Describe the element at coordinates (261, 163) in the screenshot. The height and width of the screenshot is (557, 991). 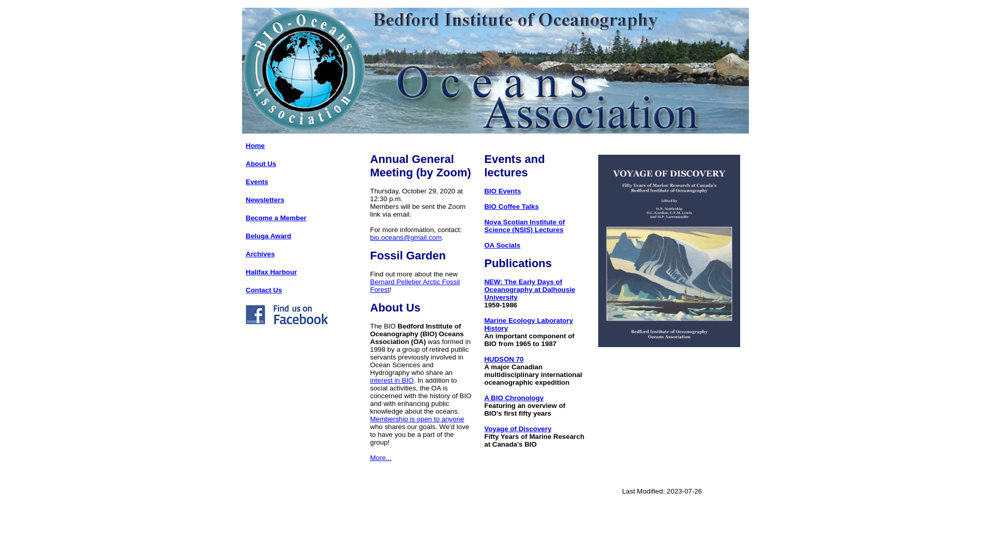
I see `'About Us'` at that location.